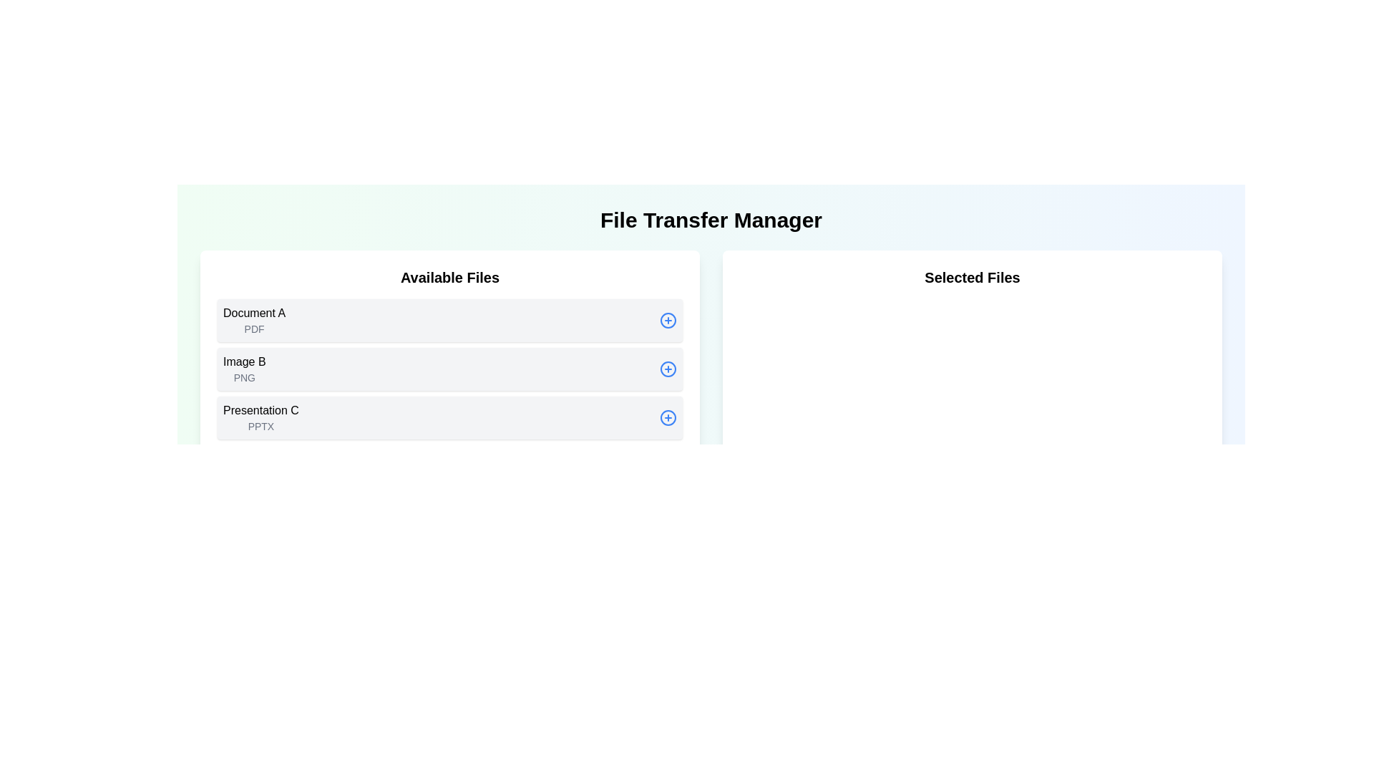 The image size is (1374, 773). Describe the element at coordinates (260, 410) in the screenshot. I see `the text label displaying 'Presentation C' in the 'Available Files' section, which is positioned above the 'PPTX' label` at that location.